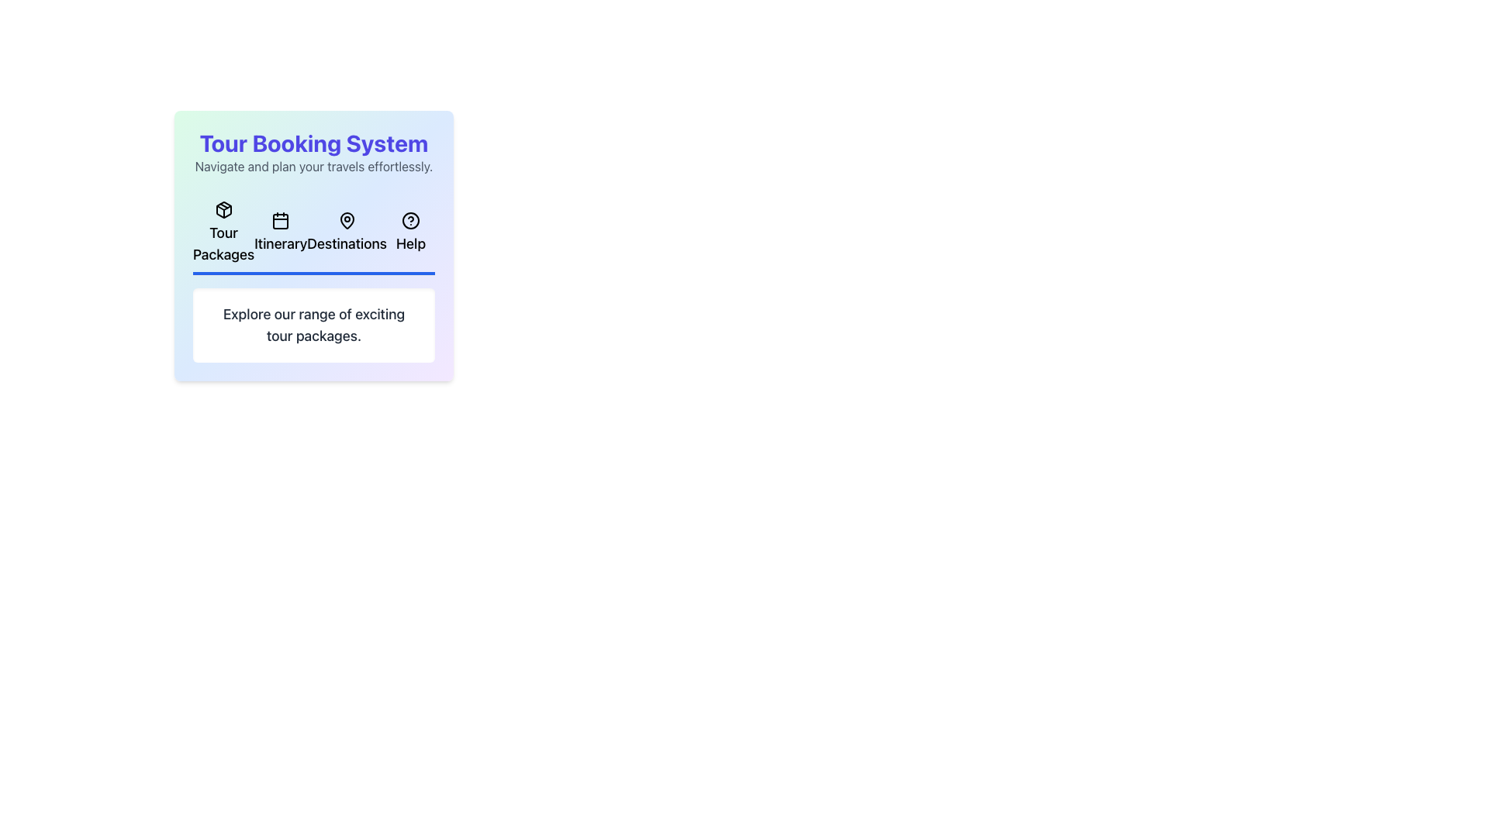  Describe the element at coordinates (346, 221) in the screenshot. I see `the map pin icon, which symbolizes destinations within the booking system UI, located between the 'Itinerary' icon and 'Help' icon` at that location.